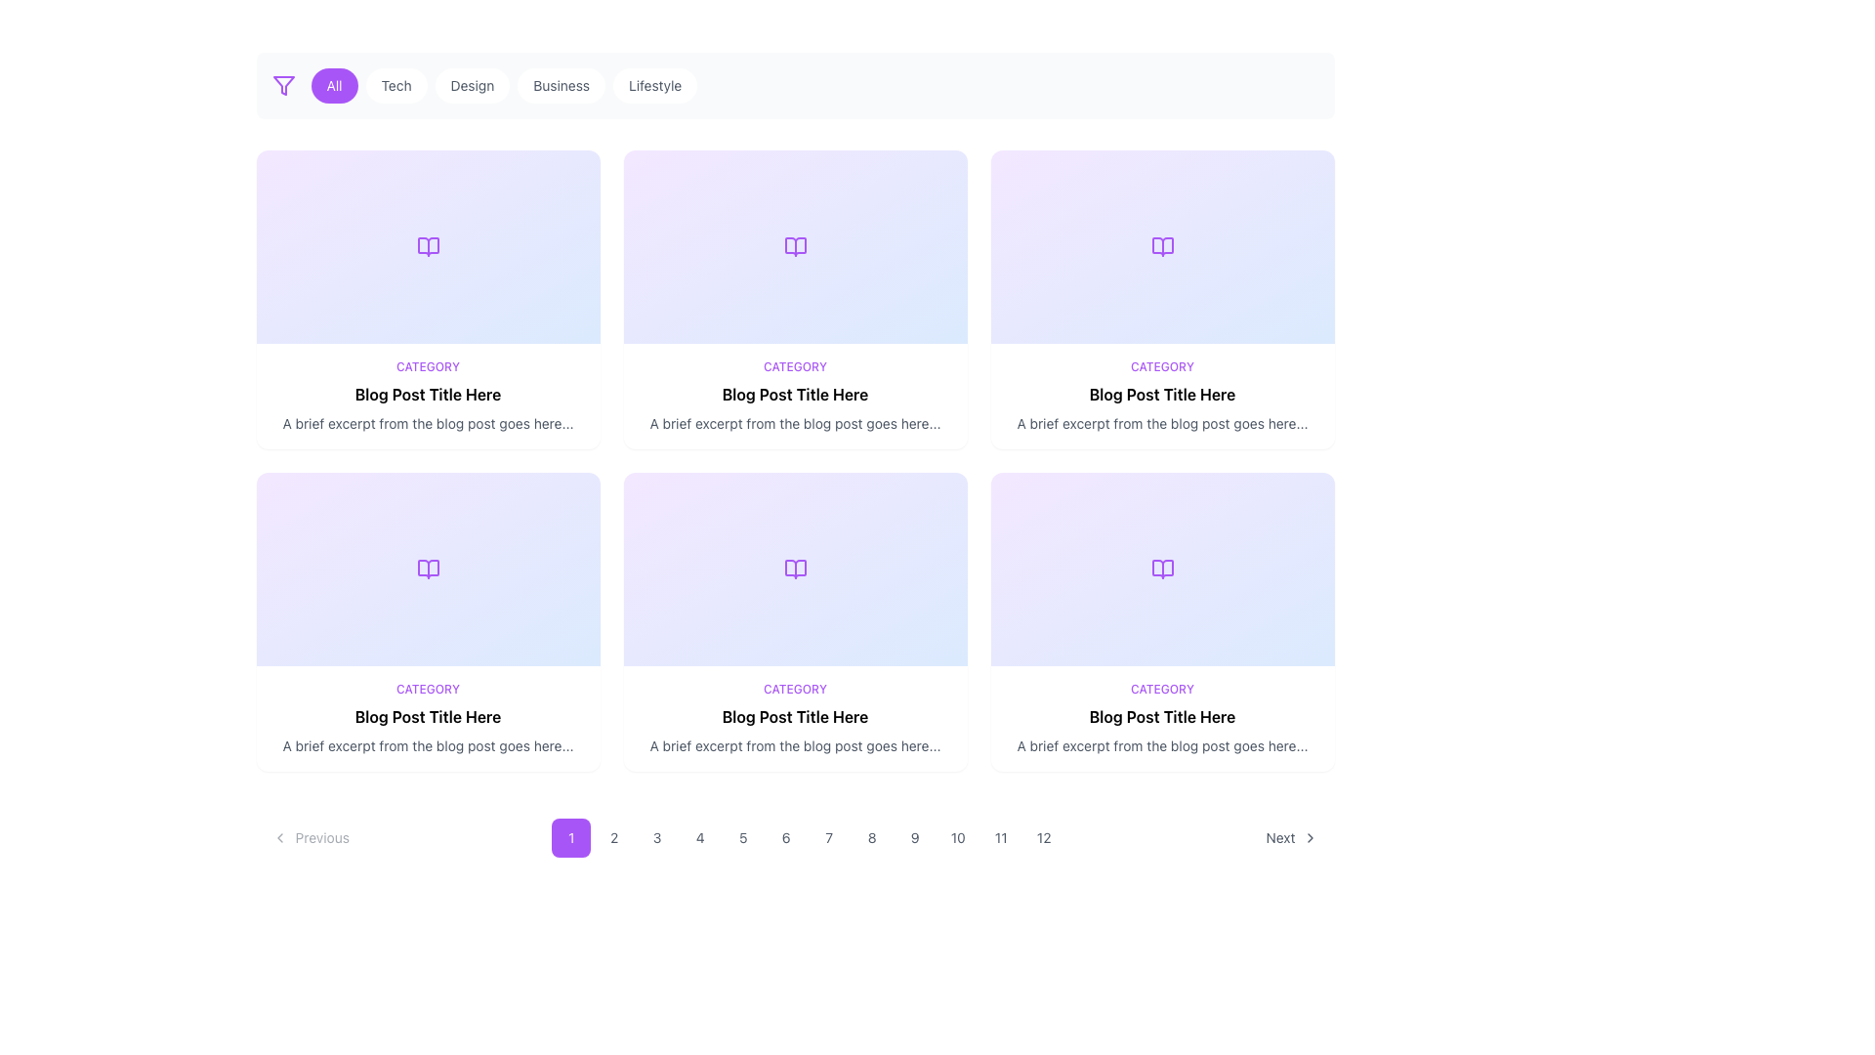 Image resolution: width=1875 pixels, height=1055 pixels. Describe the element at coordinates (958, 836) in the screenshot. I see `the pagination button labeled '10'` at that location.